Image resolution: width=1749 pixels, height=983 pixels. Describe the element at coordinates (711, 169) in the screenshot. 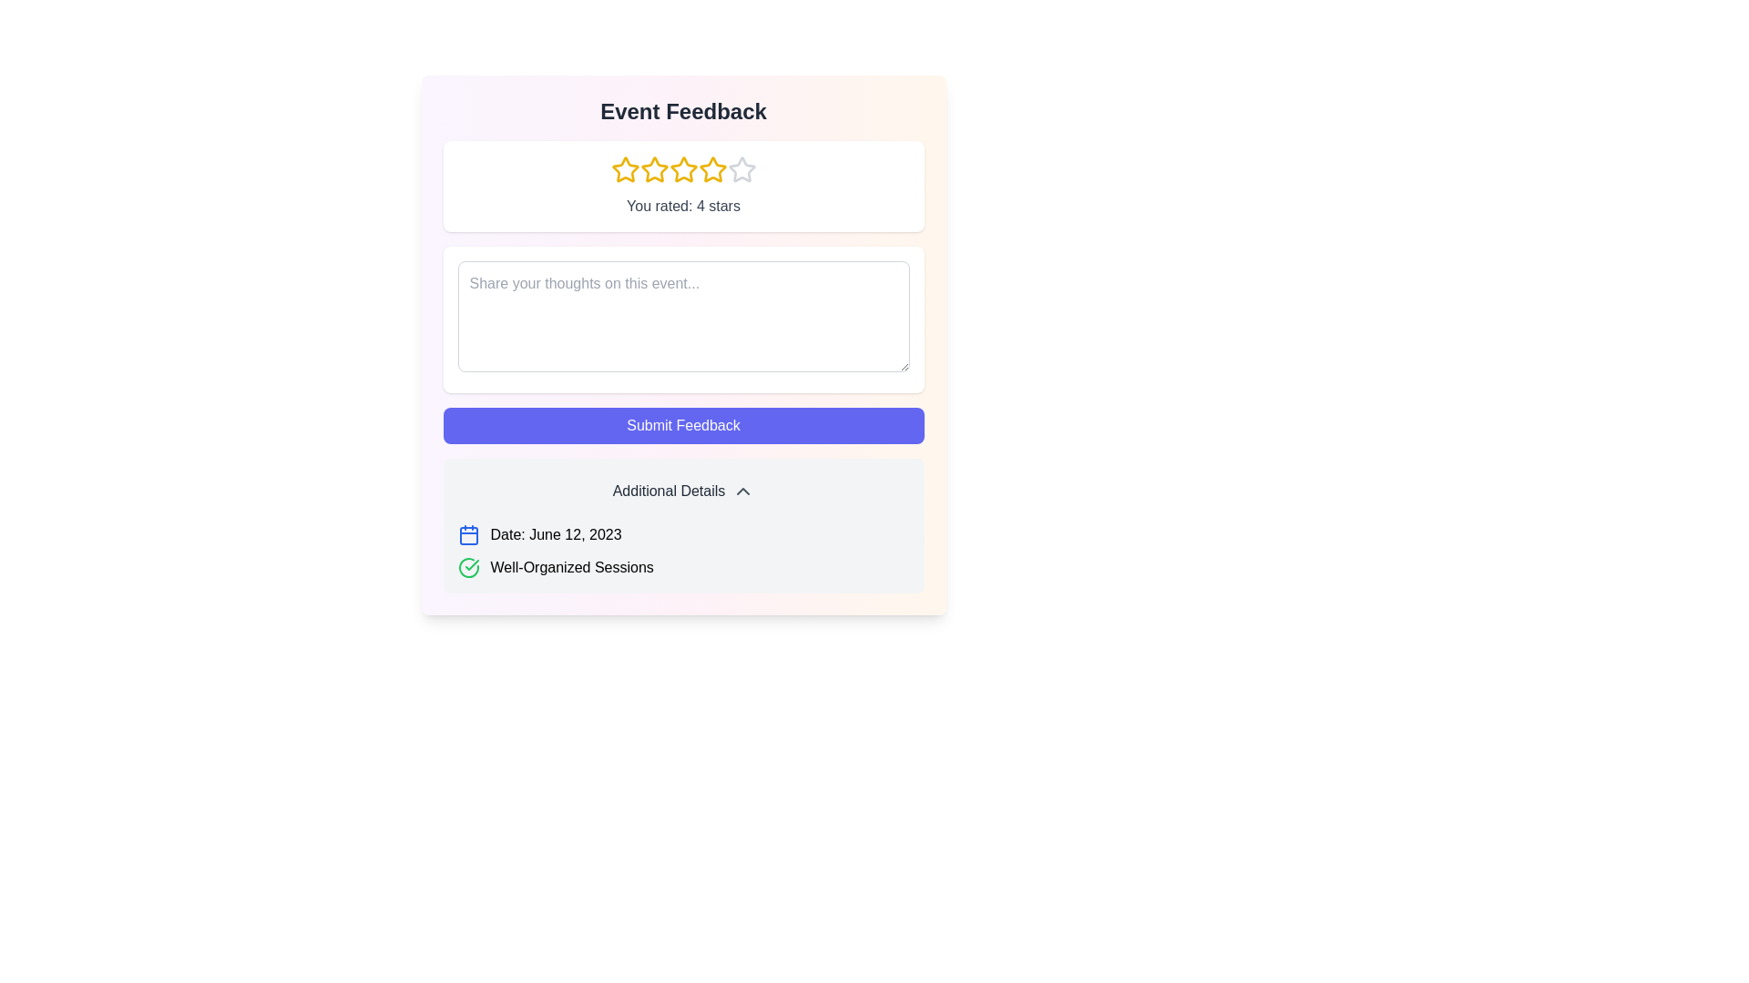

I see `the fourth yellow five-pointed star icon in the rating system` at that location.